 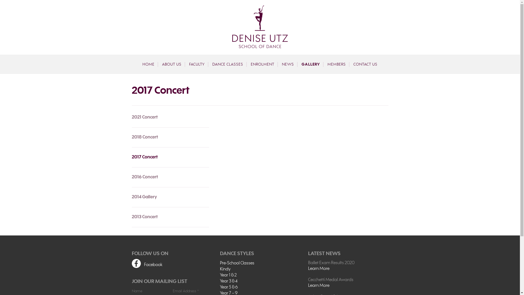 I want to click on 'GALLERY', so click(x=311, y=64).